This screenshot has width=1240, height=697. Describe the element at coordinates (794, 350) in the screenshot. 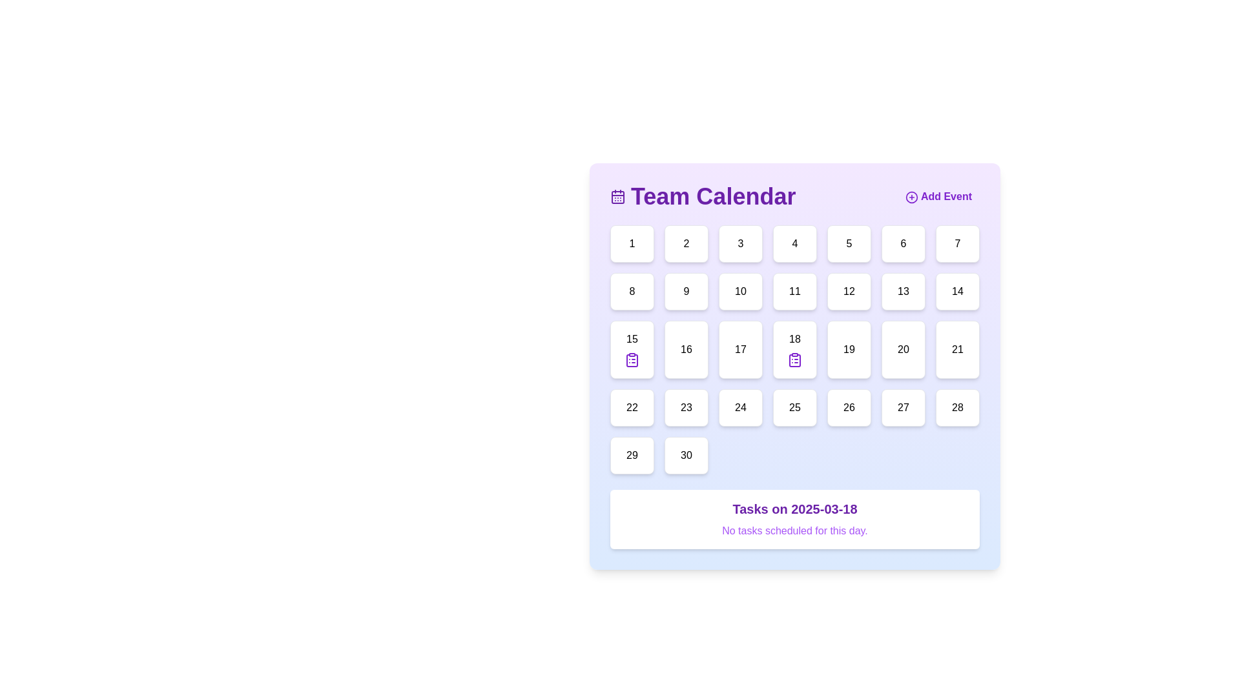

I see `the calendar cell icon for the 18th day` at that location.